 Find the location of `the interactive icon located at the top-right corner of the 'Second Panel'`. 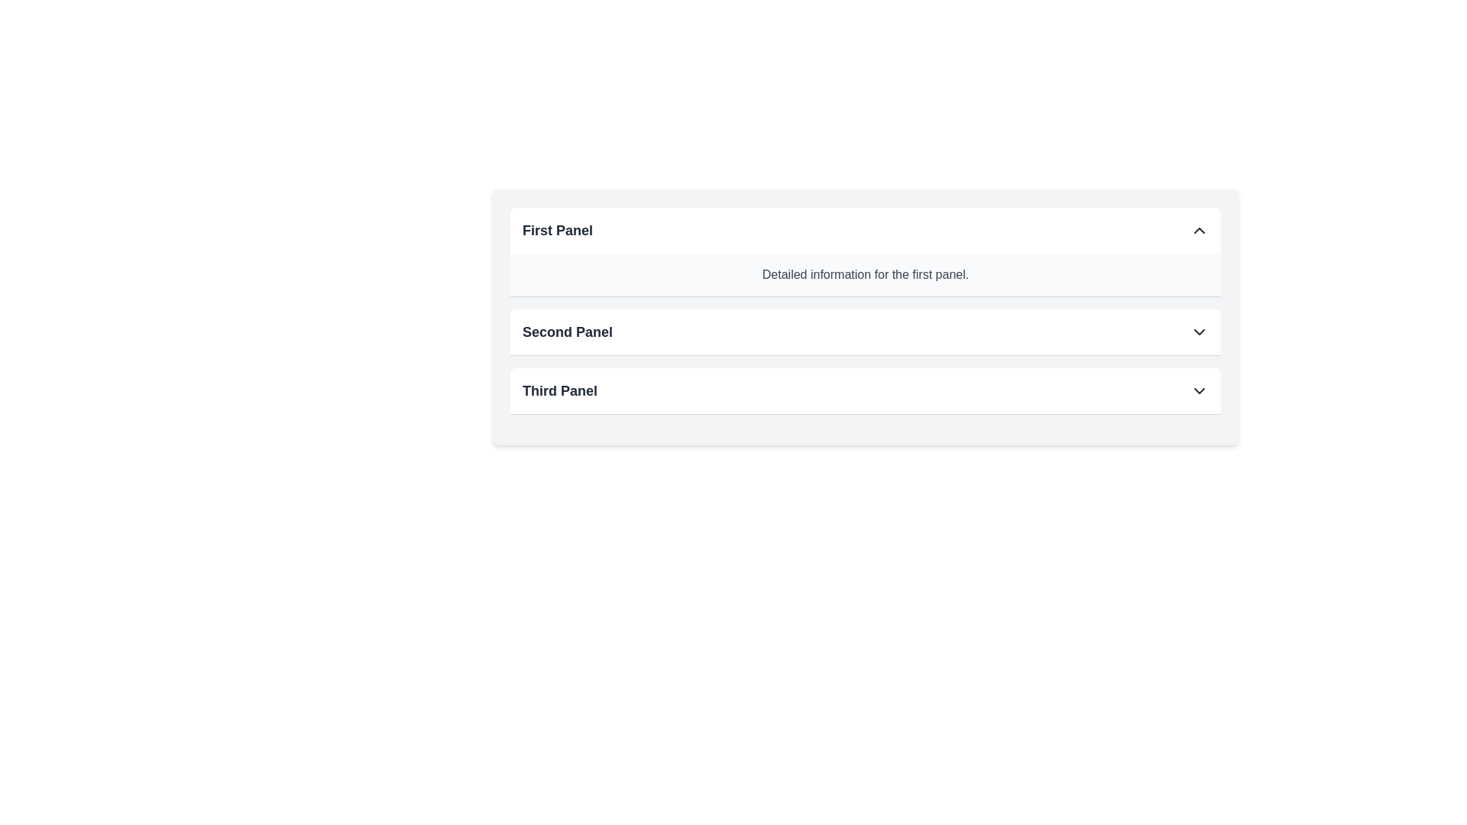

the interactive icon located at the top-right corner of the 'Second Panel' is located at coordinates (1198, 332).